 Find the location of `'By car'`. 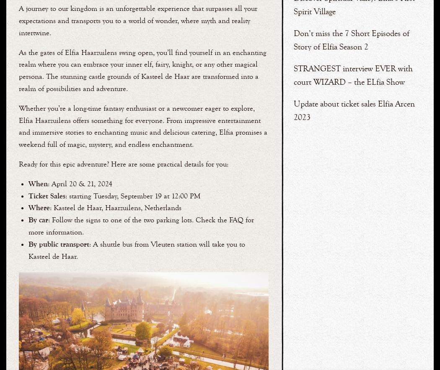

'By car' is located at coordinates (27, 220).